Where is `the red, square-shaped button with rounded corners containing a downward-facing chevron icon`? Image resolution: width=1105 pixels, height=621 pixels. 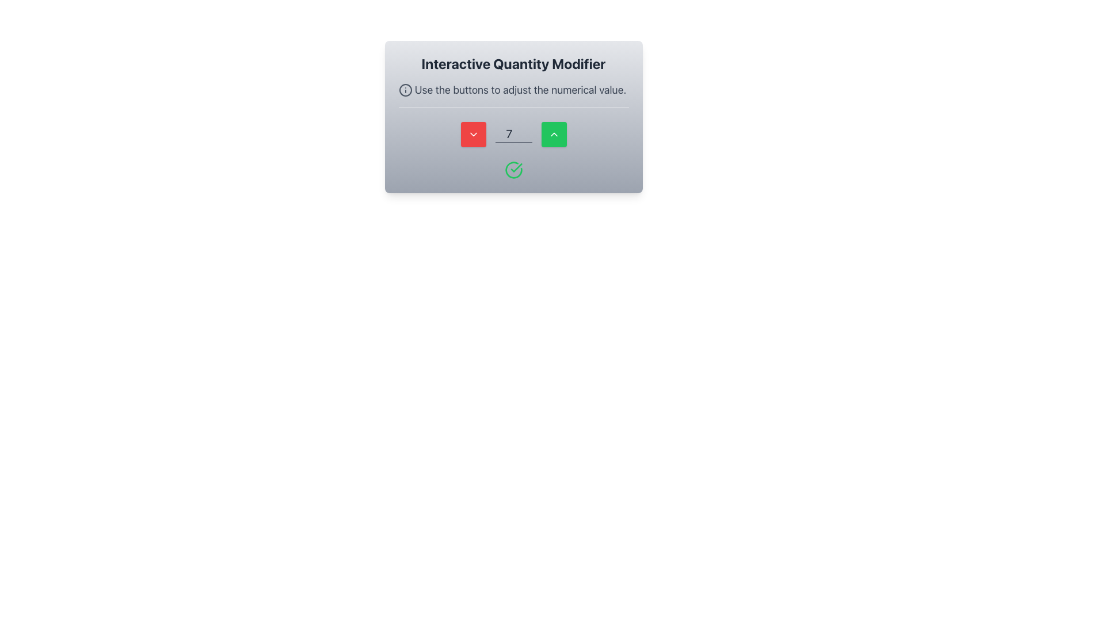 the red, square-shaped button with rounded corners containing a downward-facing chevron icon is located at coordinates (473, 134).